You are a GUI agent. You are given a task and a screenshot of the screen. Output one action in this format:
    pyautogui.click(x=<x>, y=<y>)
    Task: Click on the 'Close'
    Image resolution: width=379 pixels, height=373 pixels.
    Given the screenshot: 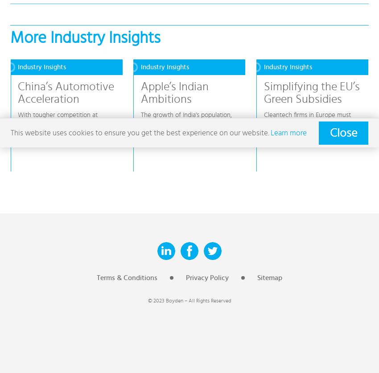 What is the action you would take?
    pyautogui.click(x=330, y=132)
    